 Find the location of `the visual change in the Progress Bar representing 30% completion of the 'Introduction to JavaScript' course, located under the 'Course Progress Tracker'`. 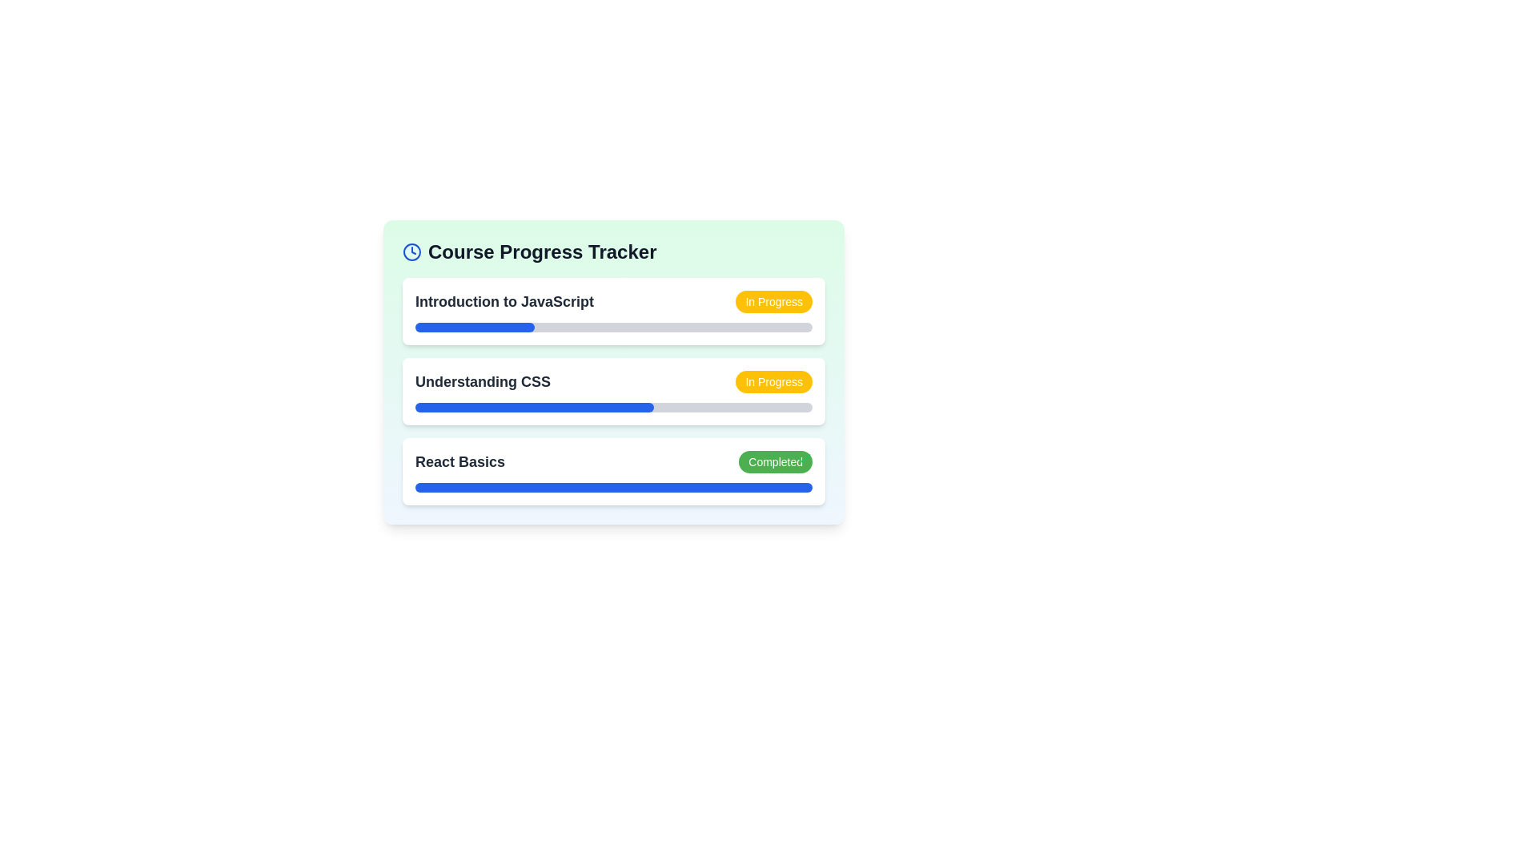

the visual change in the Progress Bar representing 30% completion of the 'Introduction to JavaScript' course, located under the 'Course Progress Tracker' is located at coordinates (613, 326).